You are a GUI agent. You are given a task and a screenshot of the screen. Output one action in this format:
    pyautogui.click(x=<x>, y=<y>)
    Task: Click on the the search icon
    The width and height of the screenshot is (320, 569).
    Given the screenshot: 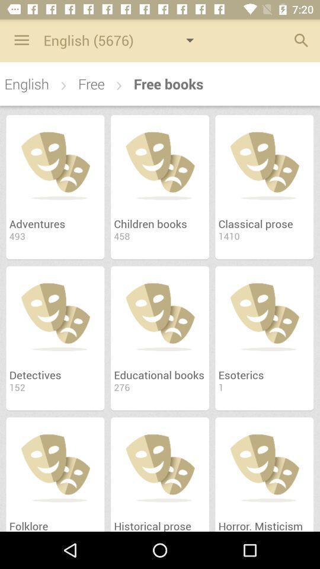 What is the action you would take?
    pyautogui.click(x=297, y=40)
    